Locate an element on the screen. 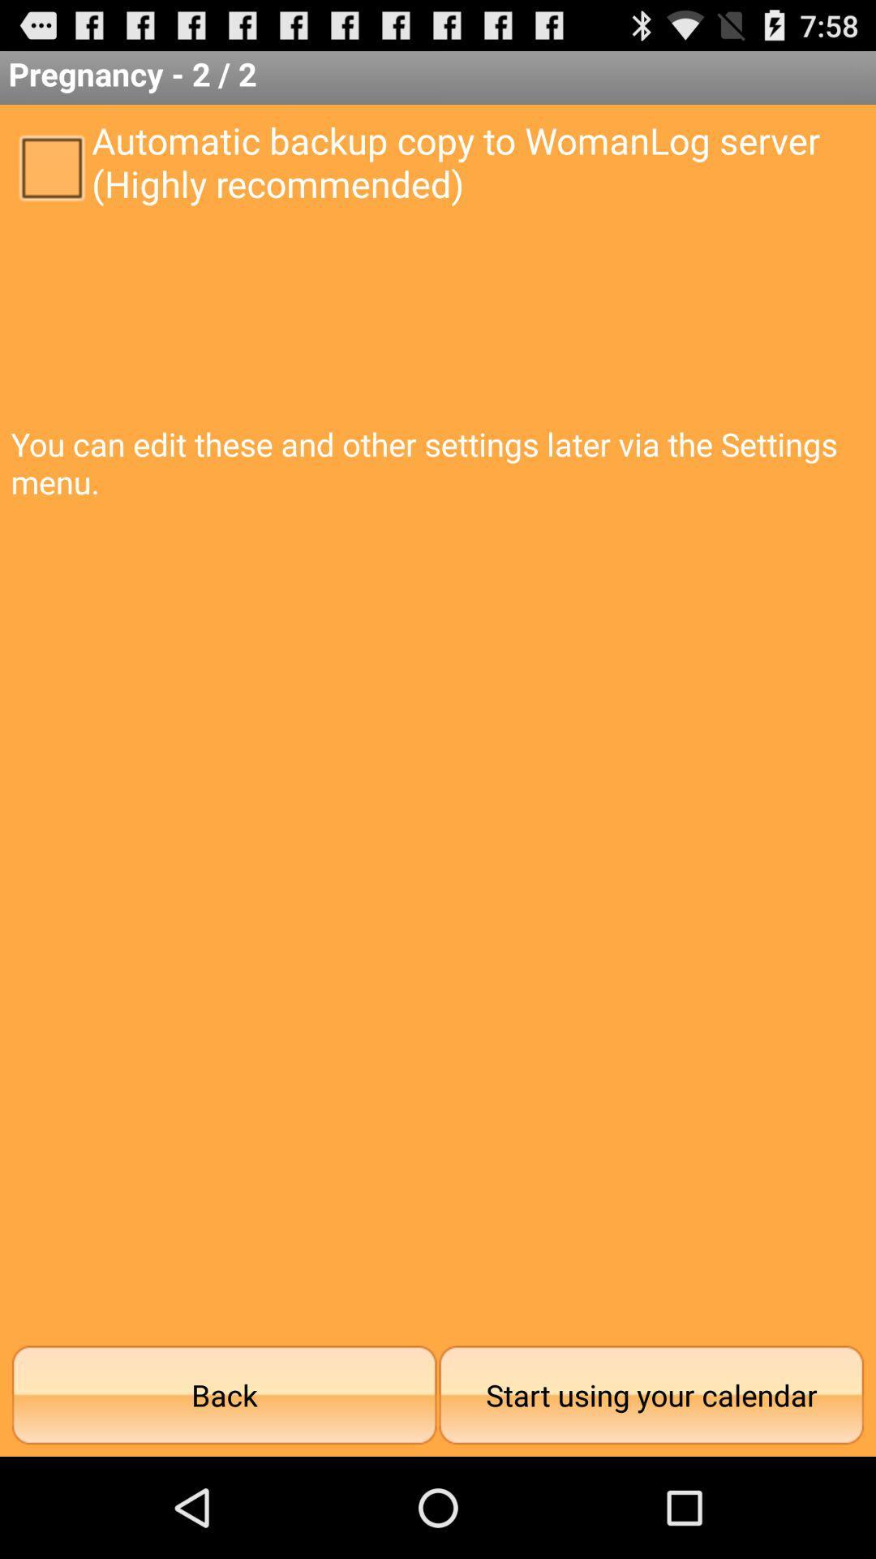 Image resolution: width=876 pixels, height=1559 pixels. item at the bottom left corner is located at coordinates (224, 1394).